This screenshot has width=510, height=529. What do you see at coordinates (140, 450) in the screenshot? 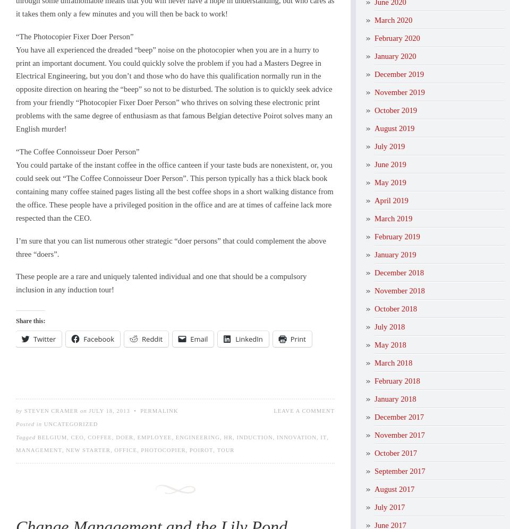
I see `'photocopier'` at bounding box center [140, 450].